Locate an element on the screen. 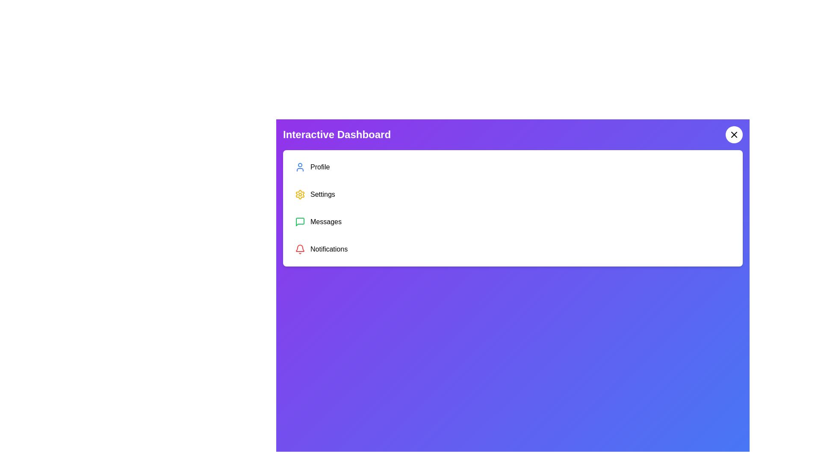 This screenshot has width=821, height=462. the user profile icon, which is a minimal blue line drawing representing a head and shoulders, located in the top-left corner of the 'Profile' option in the main panel, before the 'Profile' text label is located at coordinates (300, 167).